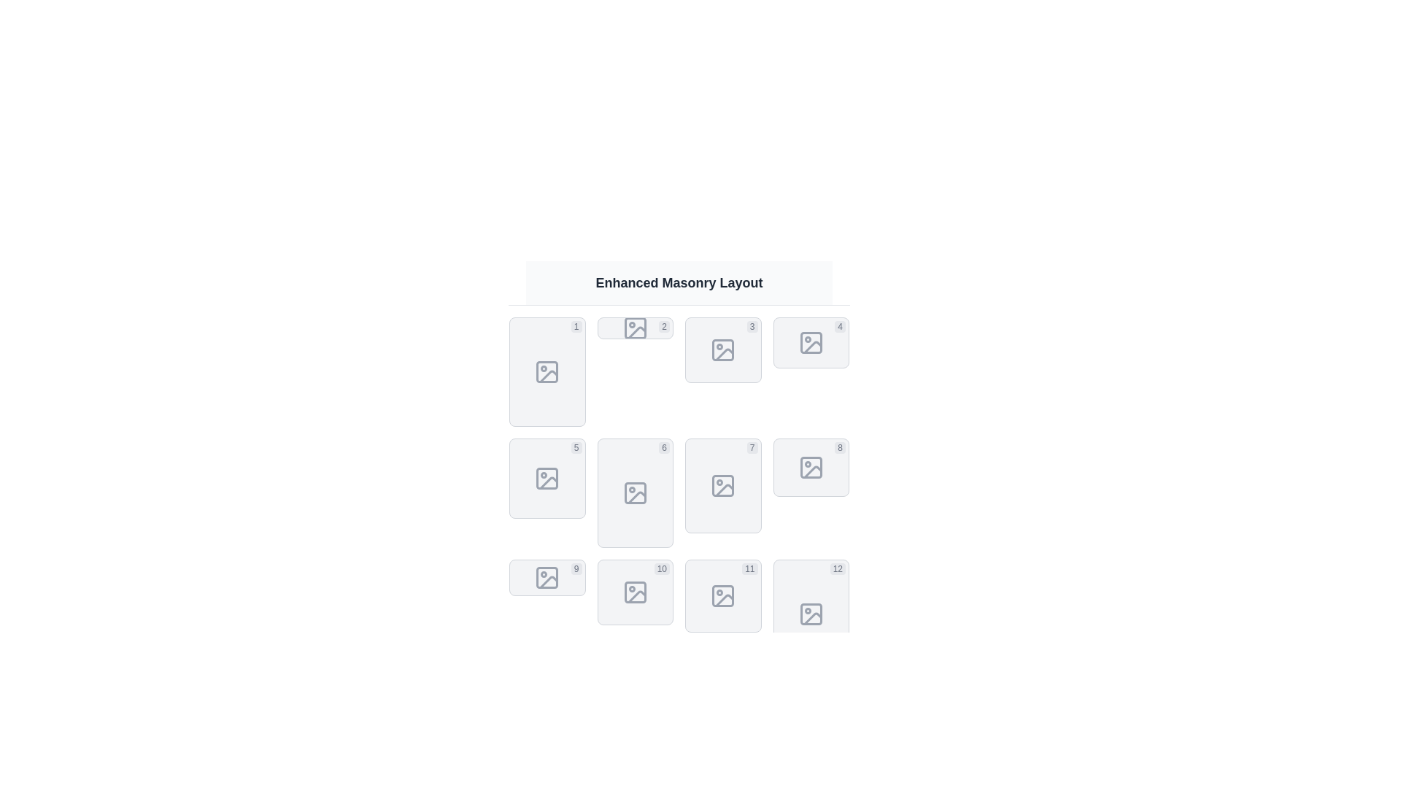  Describe the element at coordinates (723, 349) in the screenshot. I see `and drop the photograph icon located in the third image card of the first row` at that location.